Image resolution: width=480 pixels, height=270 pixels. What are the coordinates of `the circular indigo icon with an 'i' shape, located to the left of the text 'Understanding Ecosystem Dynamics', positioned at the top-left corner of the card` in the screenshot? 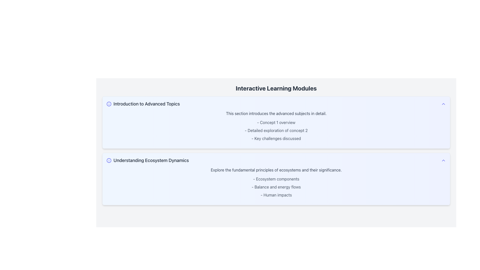 It's located at (109, 160).